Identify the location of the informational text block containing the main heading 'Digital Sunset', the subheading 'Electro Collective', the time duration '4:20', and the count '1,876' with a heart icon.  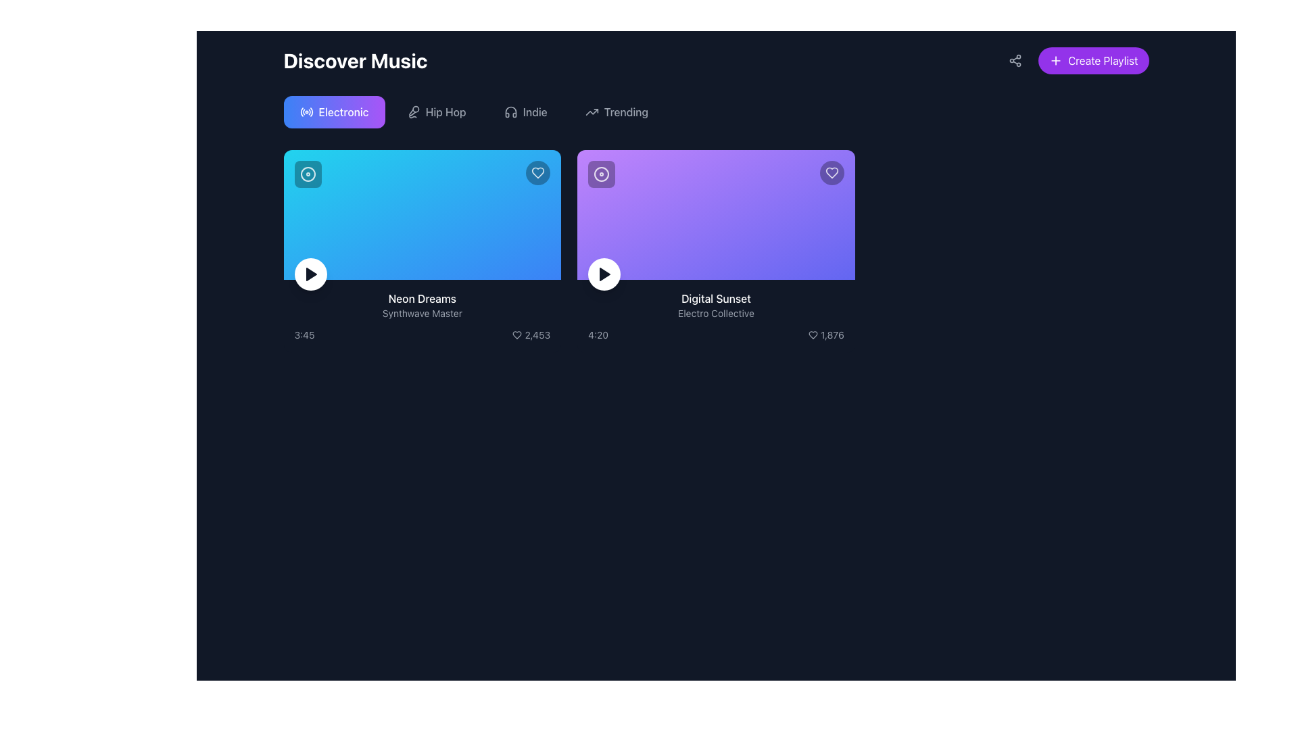
(715, 316).